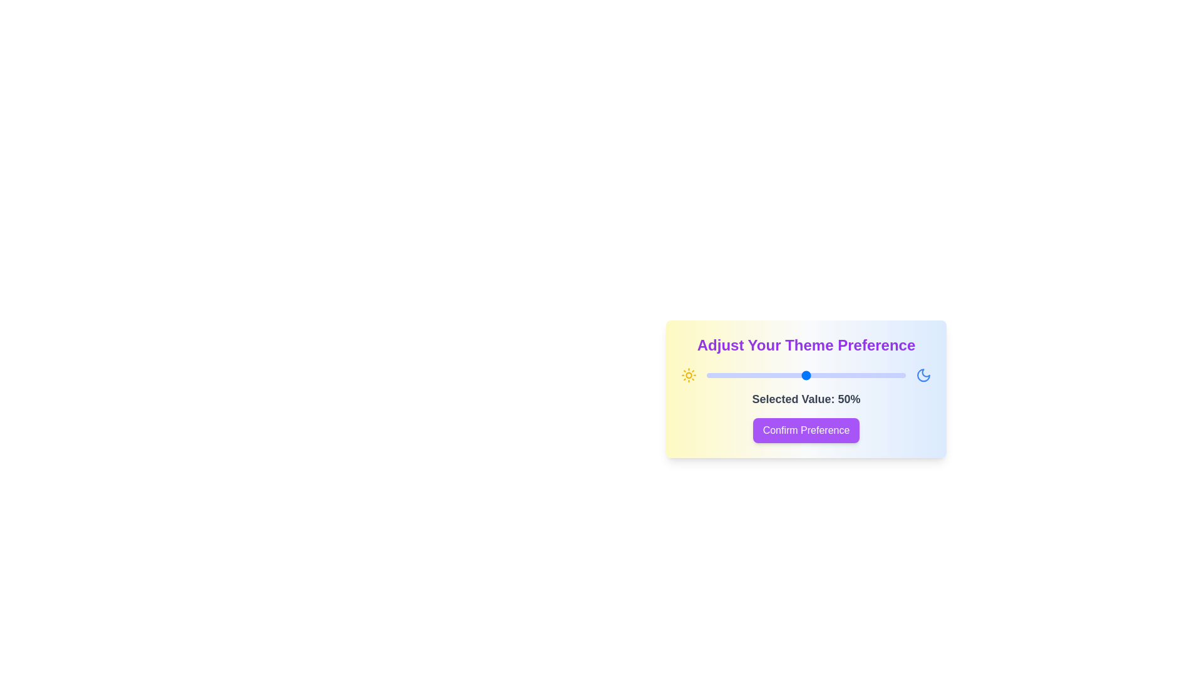 The height and width of the screenshot is (676, 1202). What do you see at coordinates (923, 375) in the screenshot?
I see `the crescent moon shaped SVG icon located to the right side of the dialog box labeled 'Adjust Your Theme Preference', above the 'Confirm Preference' button` at bounding box center [923, 375].